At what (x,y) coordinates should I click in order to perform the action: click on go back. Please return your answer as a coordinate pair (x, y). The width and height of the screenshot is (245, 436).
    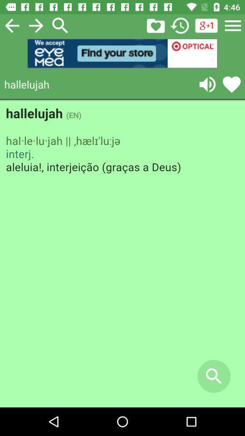
    Looking at the image, I should click on (11, 25).